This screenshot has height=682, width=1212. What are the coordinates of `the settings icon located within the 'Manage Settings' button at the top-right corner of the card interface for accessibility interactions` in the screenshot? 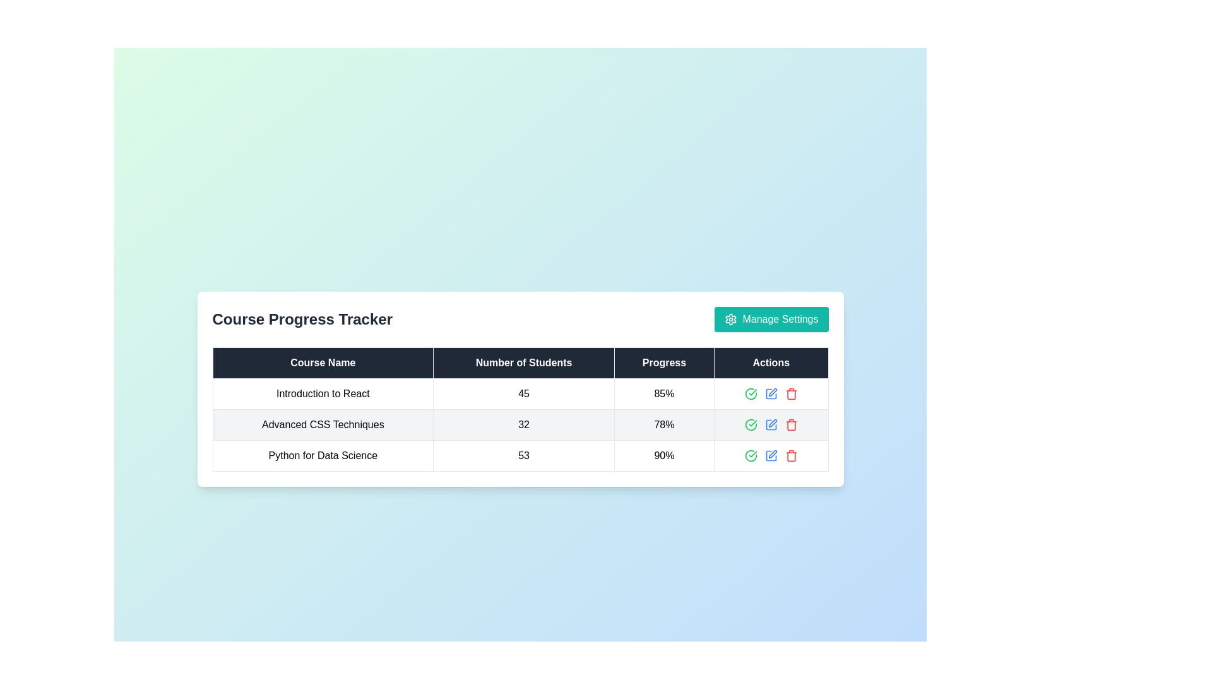 It's located at (731, 318).